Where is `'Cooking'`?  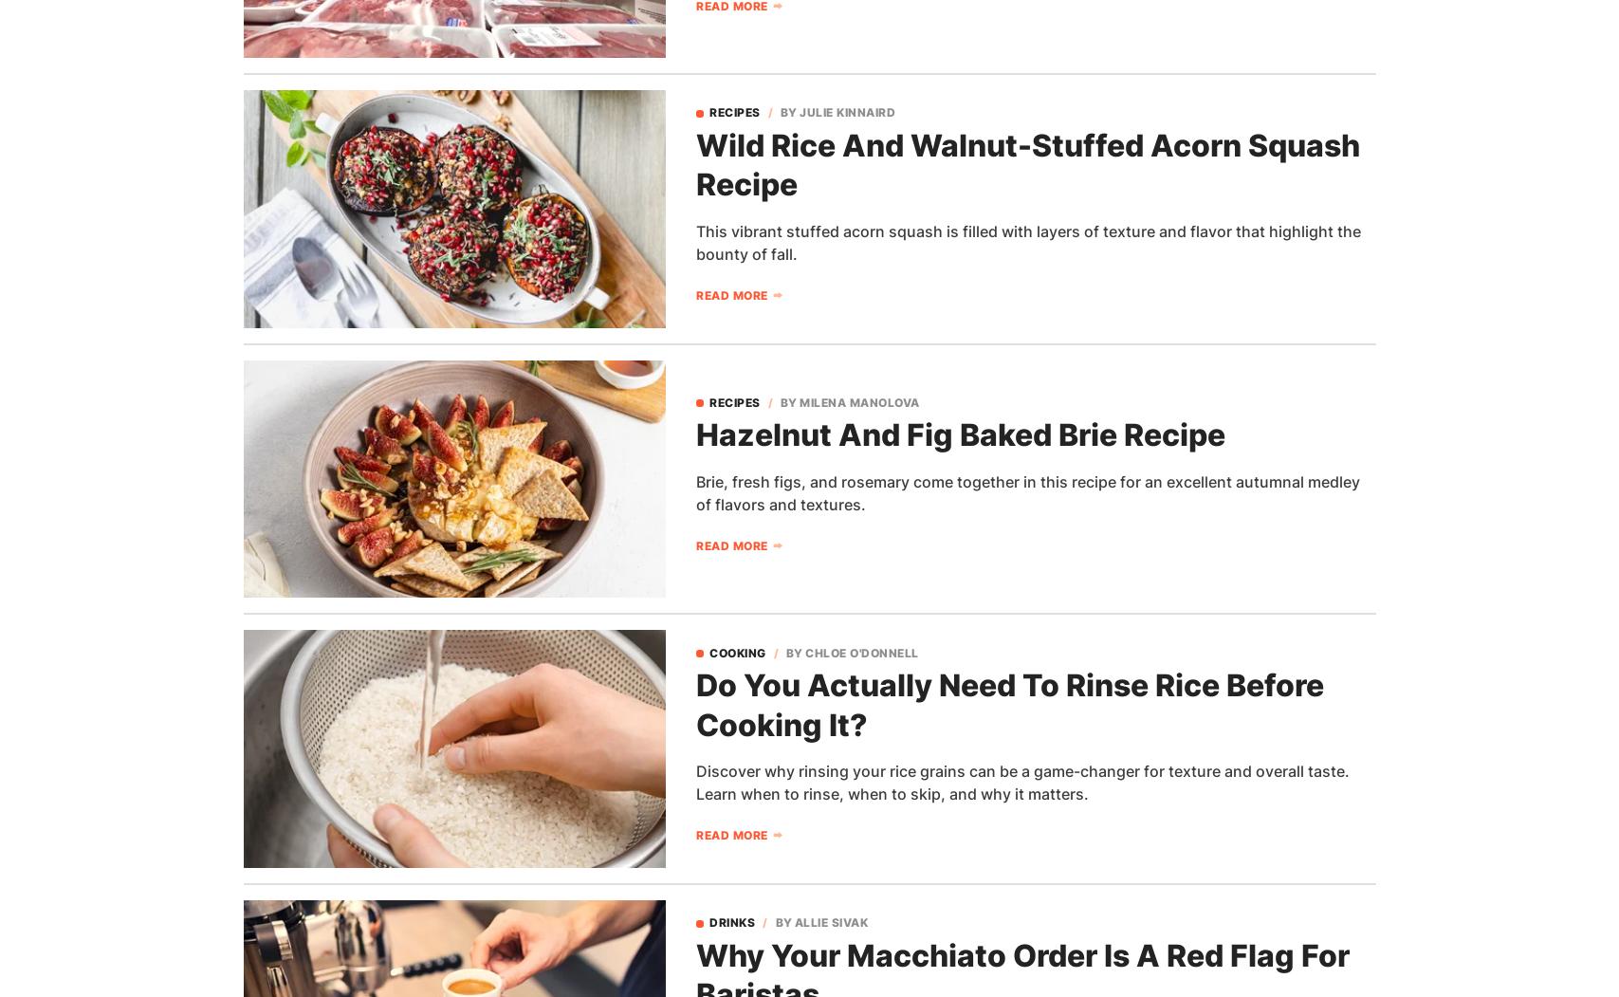
'Cooking' is located at coordinates (737, 652).